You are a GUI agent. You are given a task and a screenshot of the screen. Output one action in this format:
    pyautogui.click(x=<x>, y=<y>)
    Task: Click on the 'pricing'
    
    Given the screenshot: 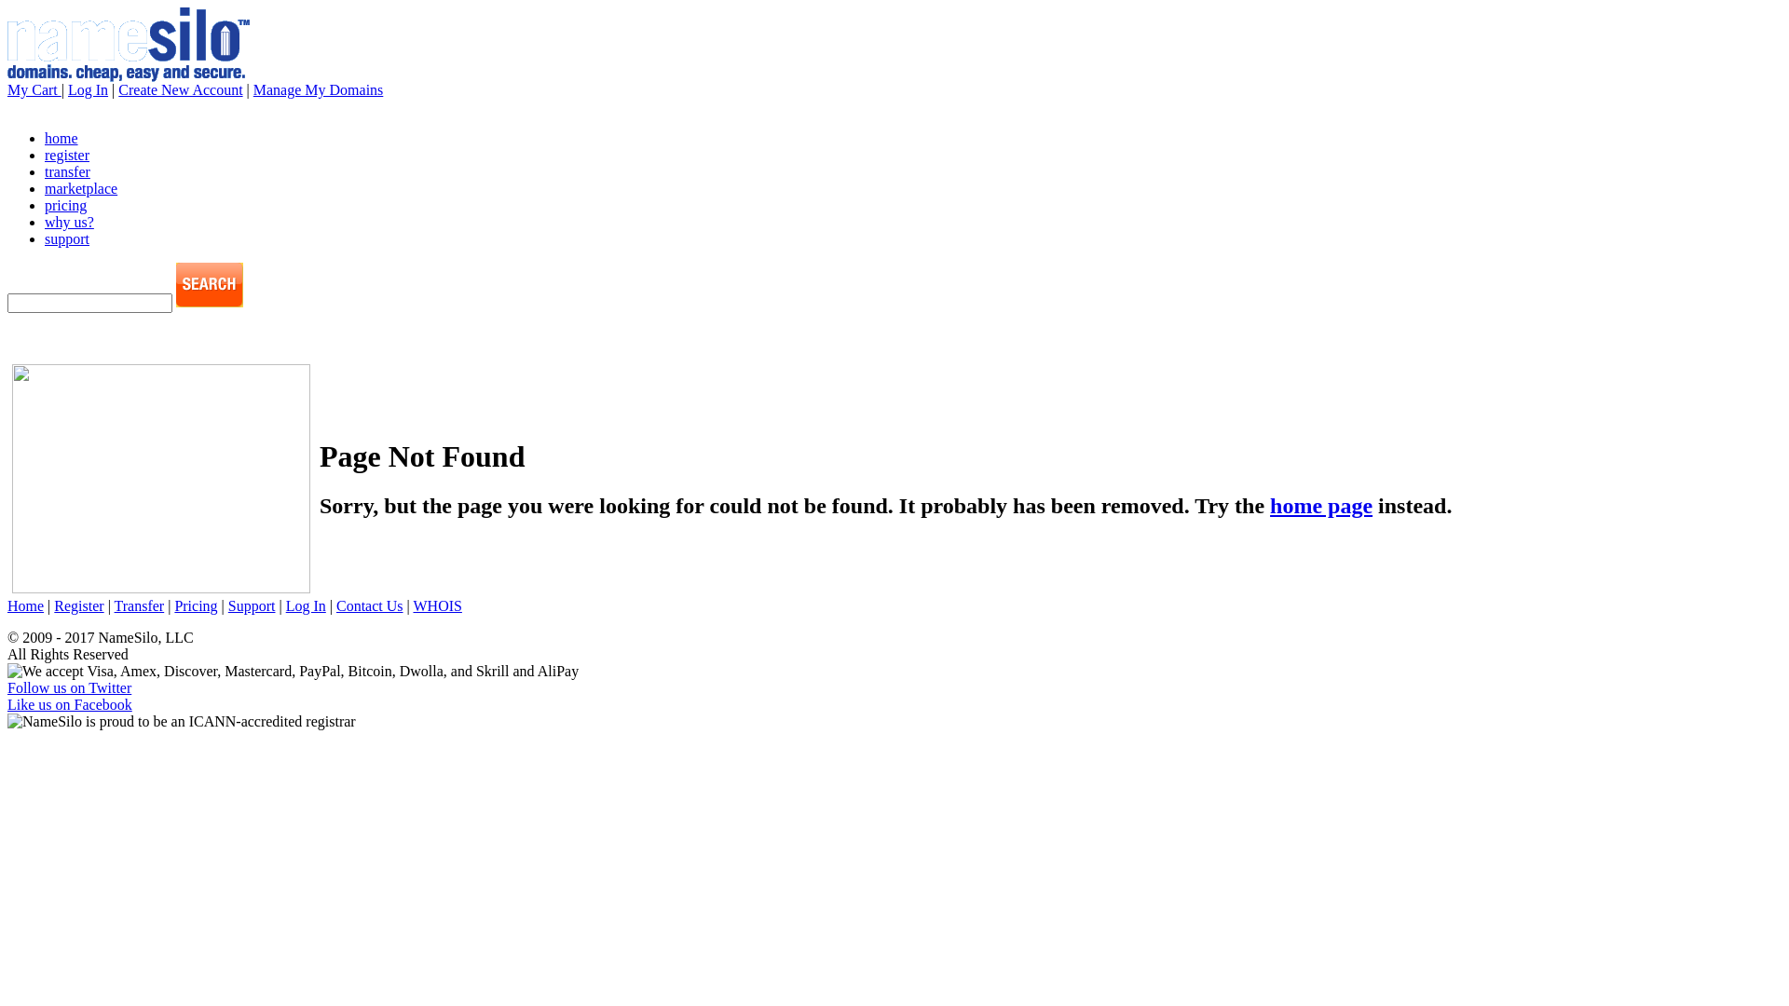 What is the action you would take?
    pyautogui.click(x=65, y=205)
    